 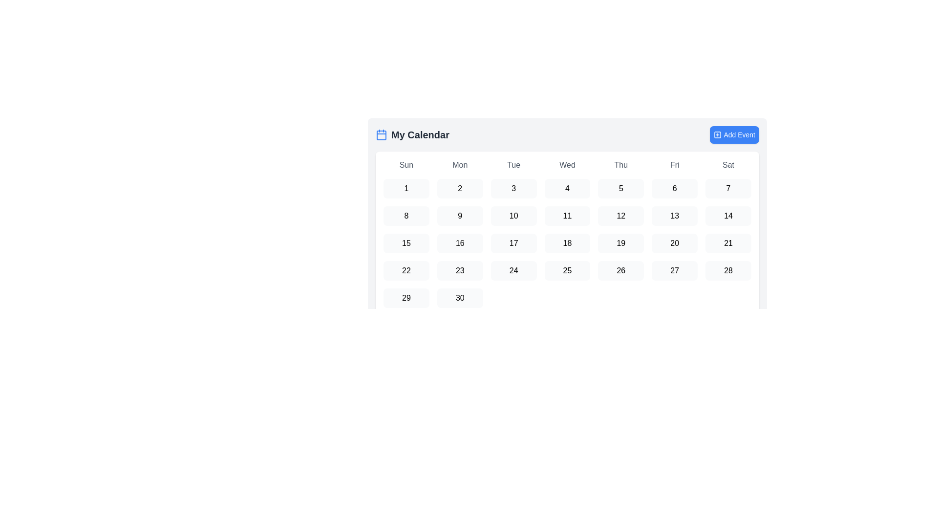 I want to click on the square icon with a plus symbol inside the 'Add Event' button located at the top-right corner of the interface, so click(x=718, y=135).